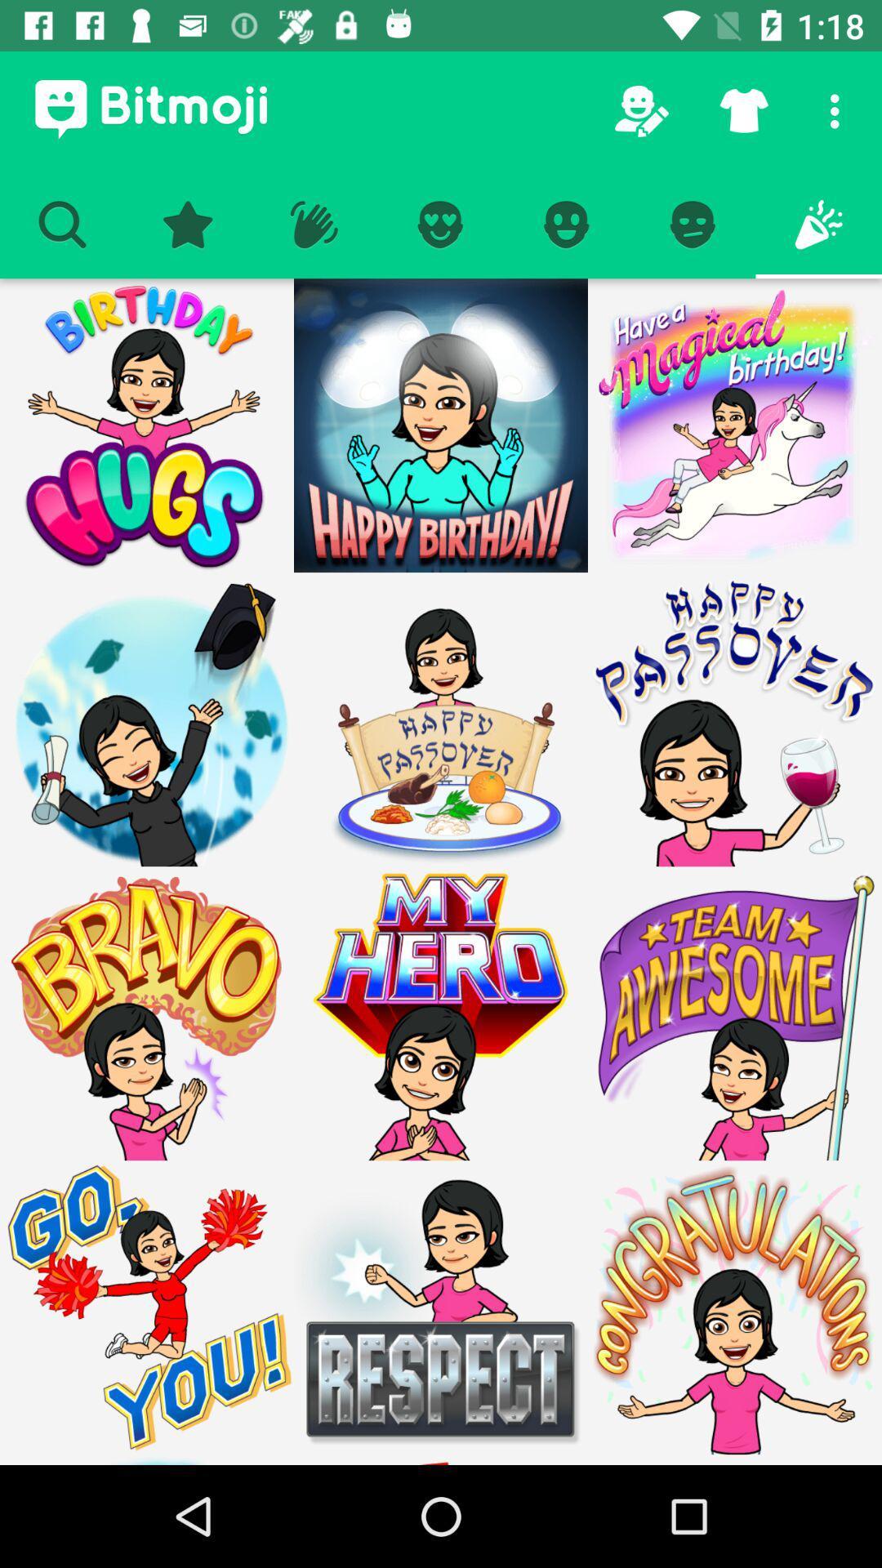 This screenshot has width=882, height=1568. I want to click on bravo, so click(147, 1013).